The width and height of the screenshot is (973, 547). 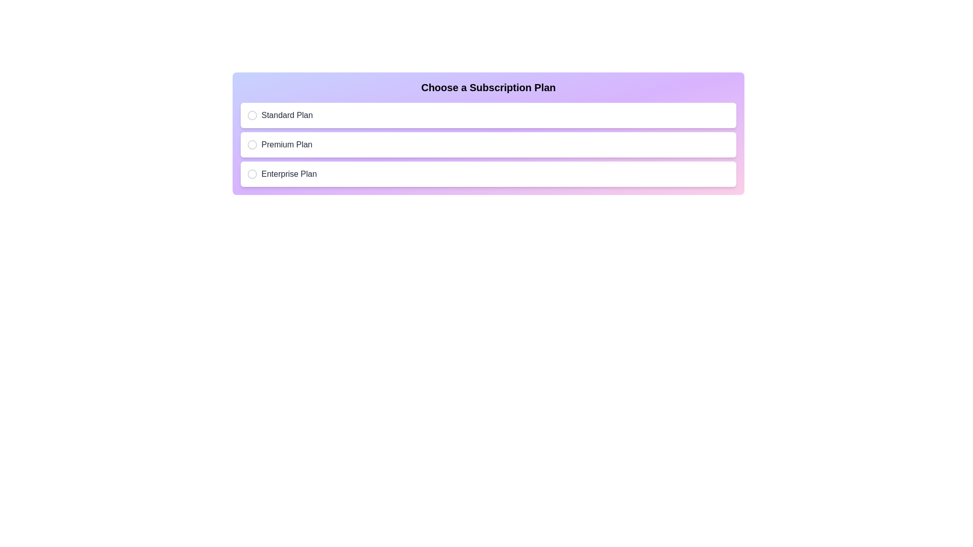 What do you see at coordinates (288, 173) in the screenshot?
I see `the text label displaying 'Enterprise Plan' in dark gray, which is the third option in the subscription plans list` at bounding box center [288, 173].